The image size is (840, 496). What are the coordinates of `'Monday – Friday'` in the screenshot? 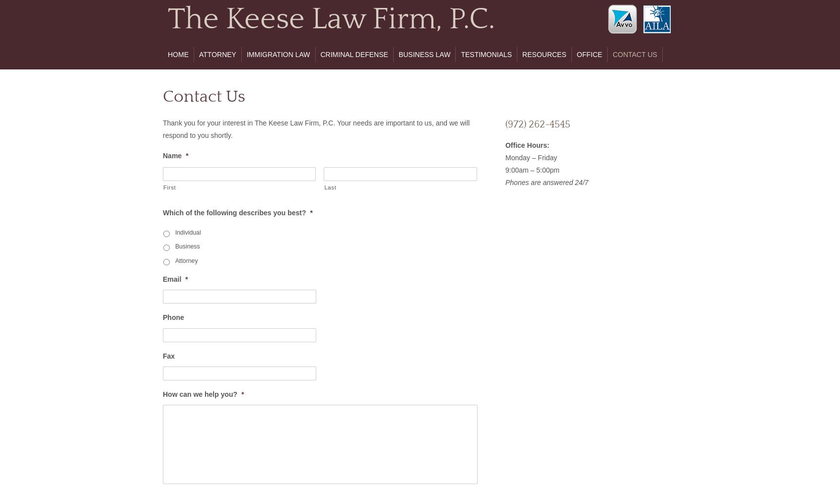 It's located at (531, 157).